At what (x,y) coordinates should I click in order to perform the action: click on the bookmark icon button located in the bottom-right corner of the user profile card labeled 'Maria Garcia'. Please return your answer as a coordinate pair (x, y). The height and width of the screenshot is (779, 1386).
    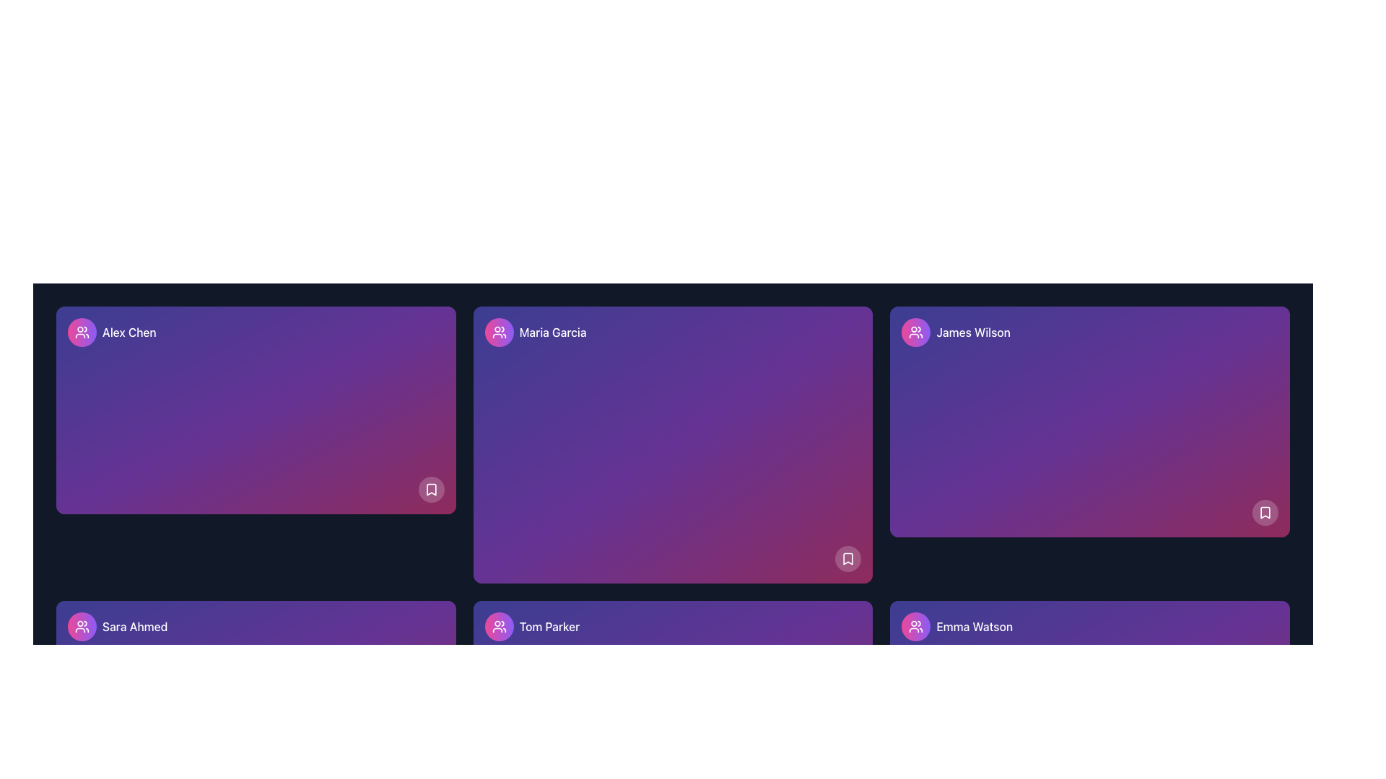
    Looking at the image, I should click on (848, 558).